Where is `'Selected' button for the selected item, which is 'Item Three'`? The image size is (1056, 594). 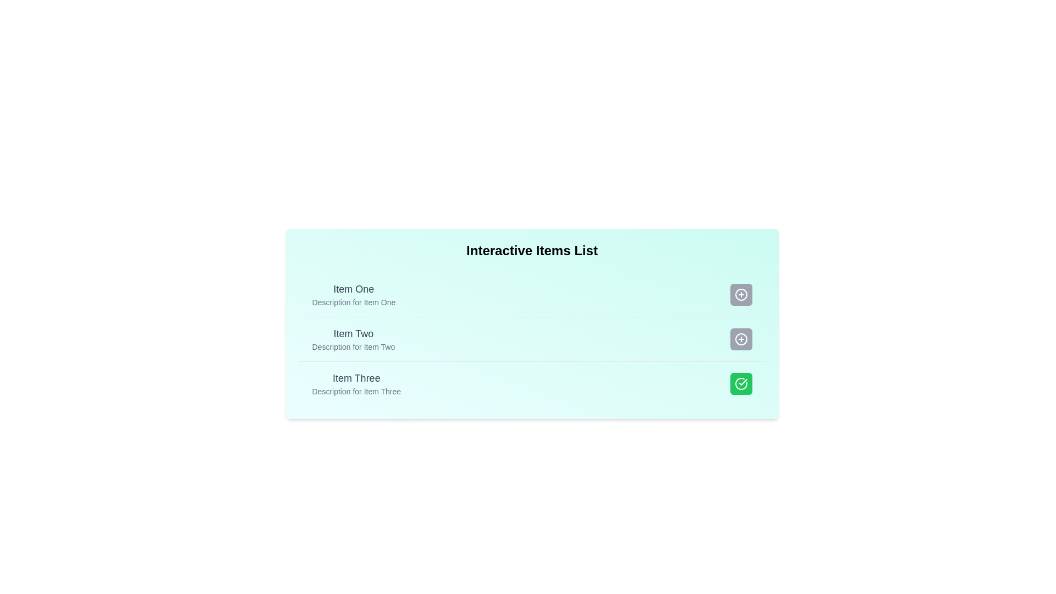 'Selected' button for the selected item, which is 'Item Three' is located at coordinates (741, 383).